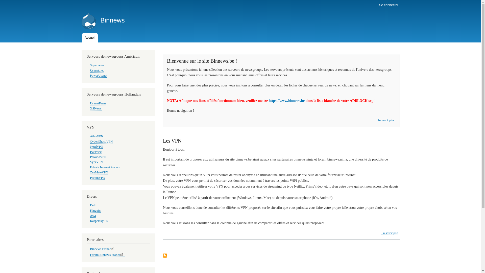 Image resolution: width=485 pixels, height=273 pixels. What do you see at coordinates (95, 211) in the screenshot?
I see `'Kinguin'` at bounding box center [95, 211].